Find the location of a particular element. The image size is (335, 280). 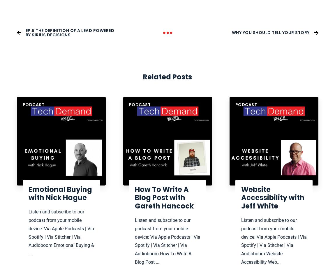

'Ep.8 The Definition of a Lead powered by Sirius Decisions' is located at coordinates (69, 32).